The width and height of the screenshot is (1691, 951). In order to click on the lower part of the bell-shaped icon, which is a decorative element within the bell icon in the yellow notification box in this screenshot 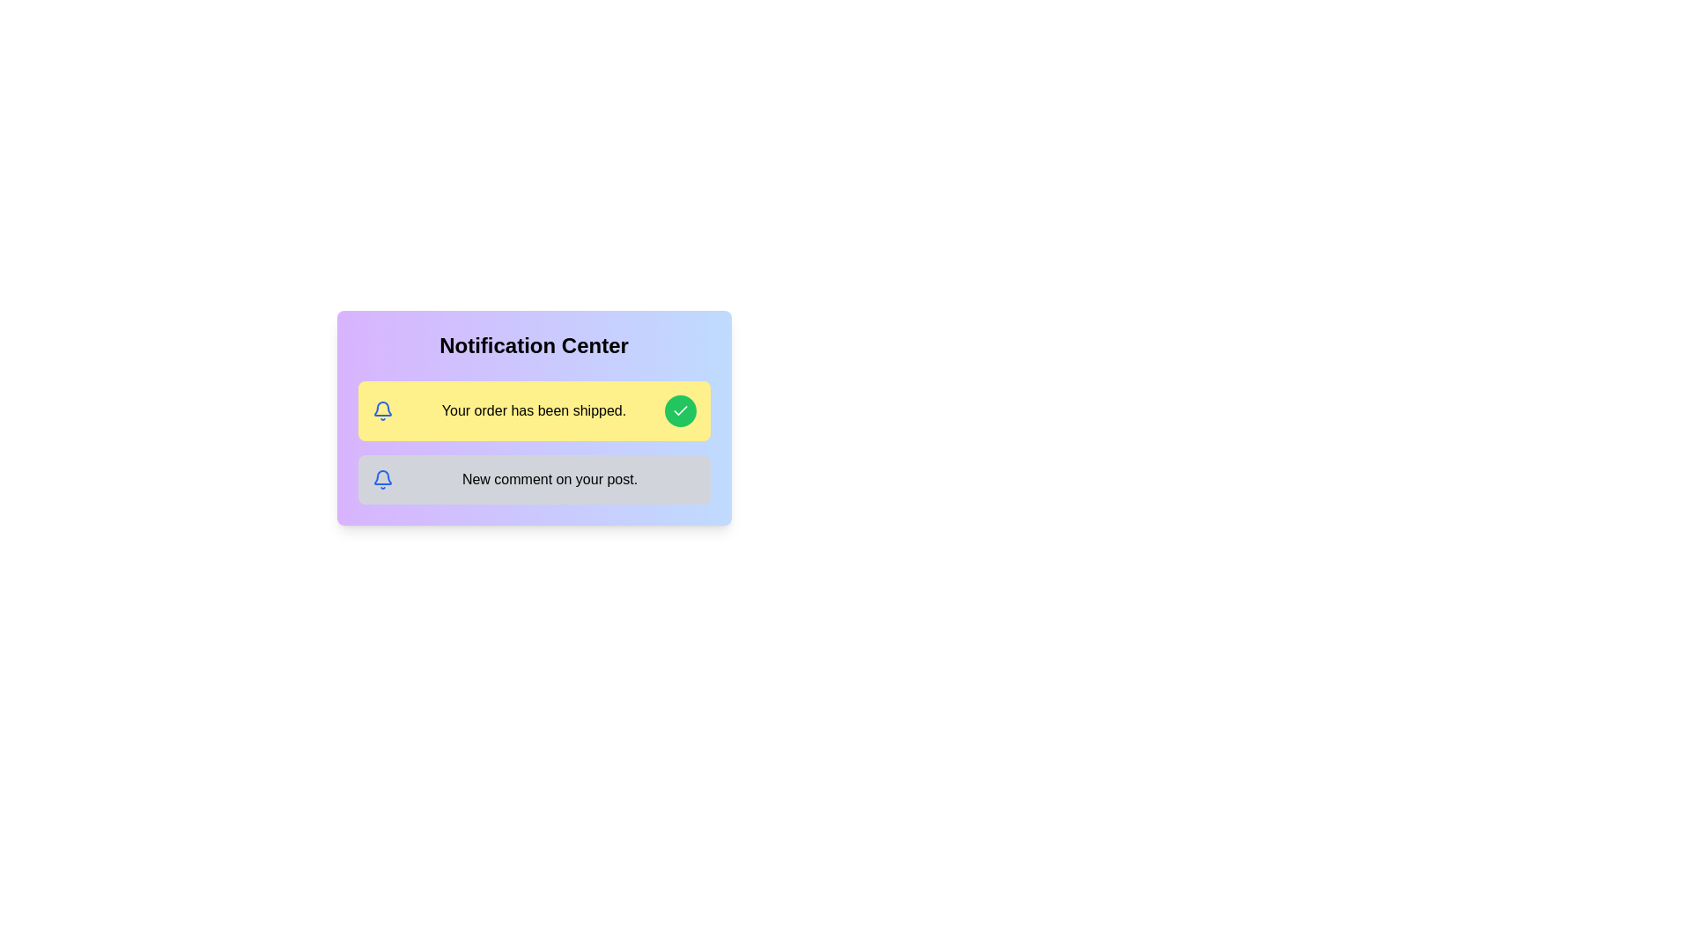, I will do `click(381, 477)`.